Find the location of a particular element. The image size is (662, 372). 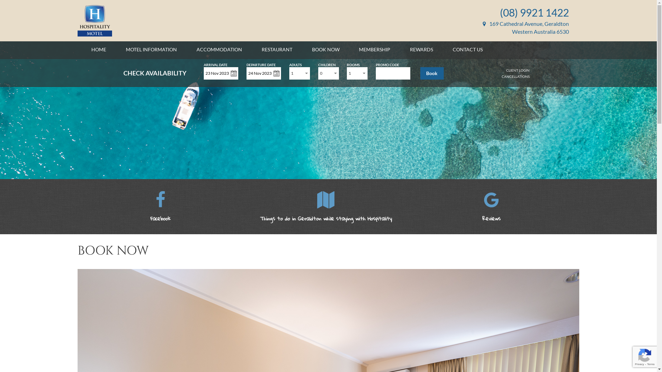

'(08) 9921 1422' is located at coordinates (534, 12).